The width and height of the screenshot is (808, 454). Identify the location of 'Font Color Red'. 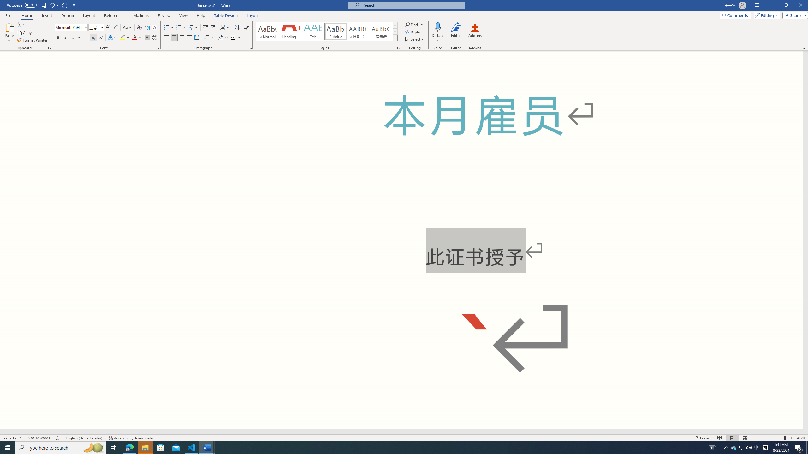
(134, 37).